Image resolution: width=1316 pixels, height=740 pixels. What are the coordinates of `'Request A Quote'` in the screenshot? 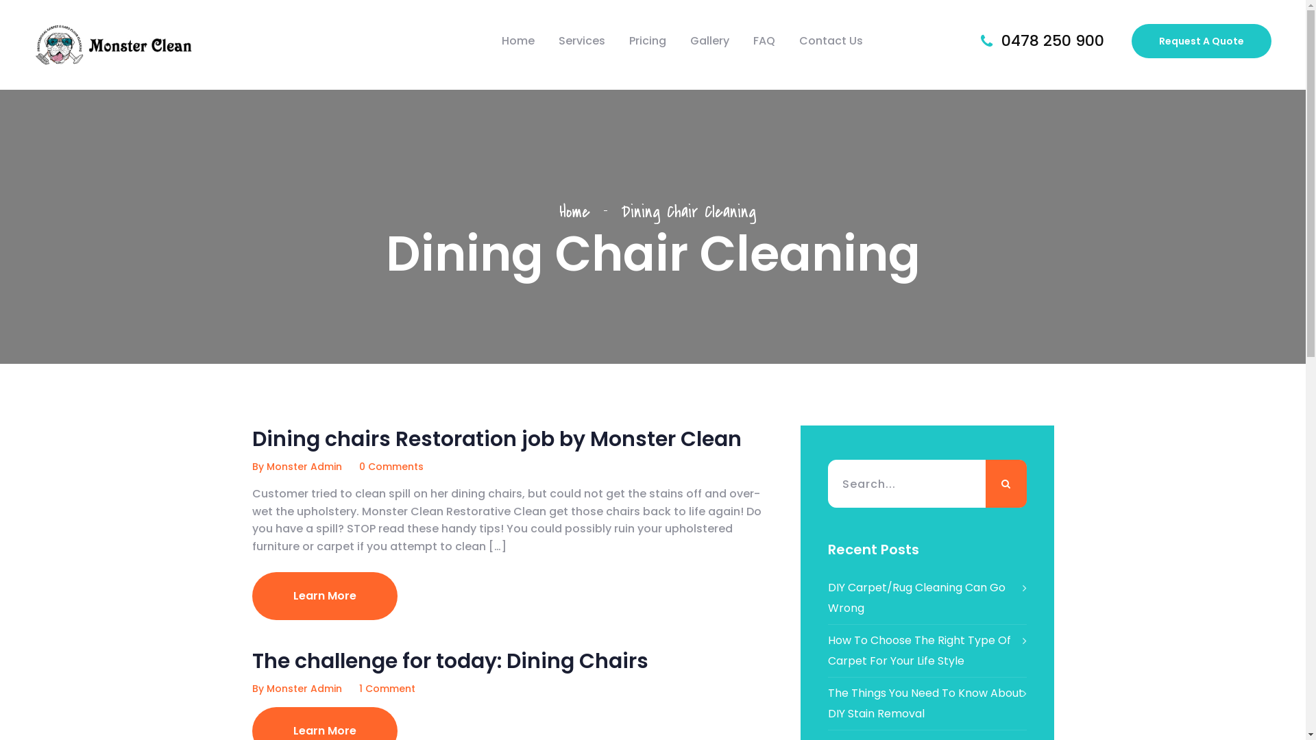 It's located at (1200, 40).